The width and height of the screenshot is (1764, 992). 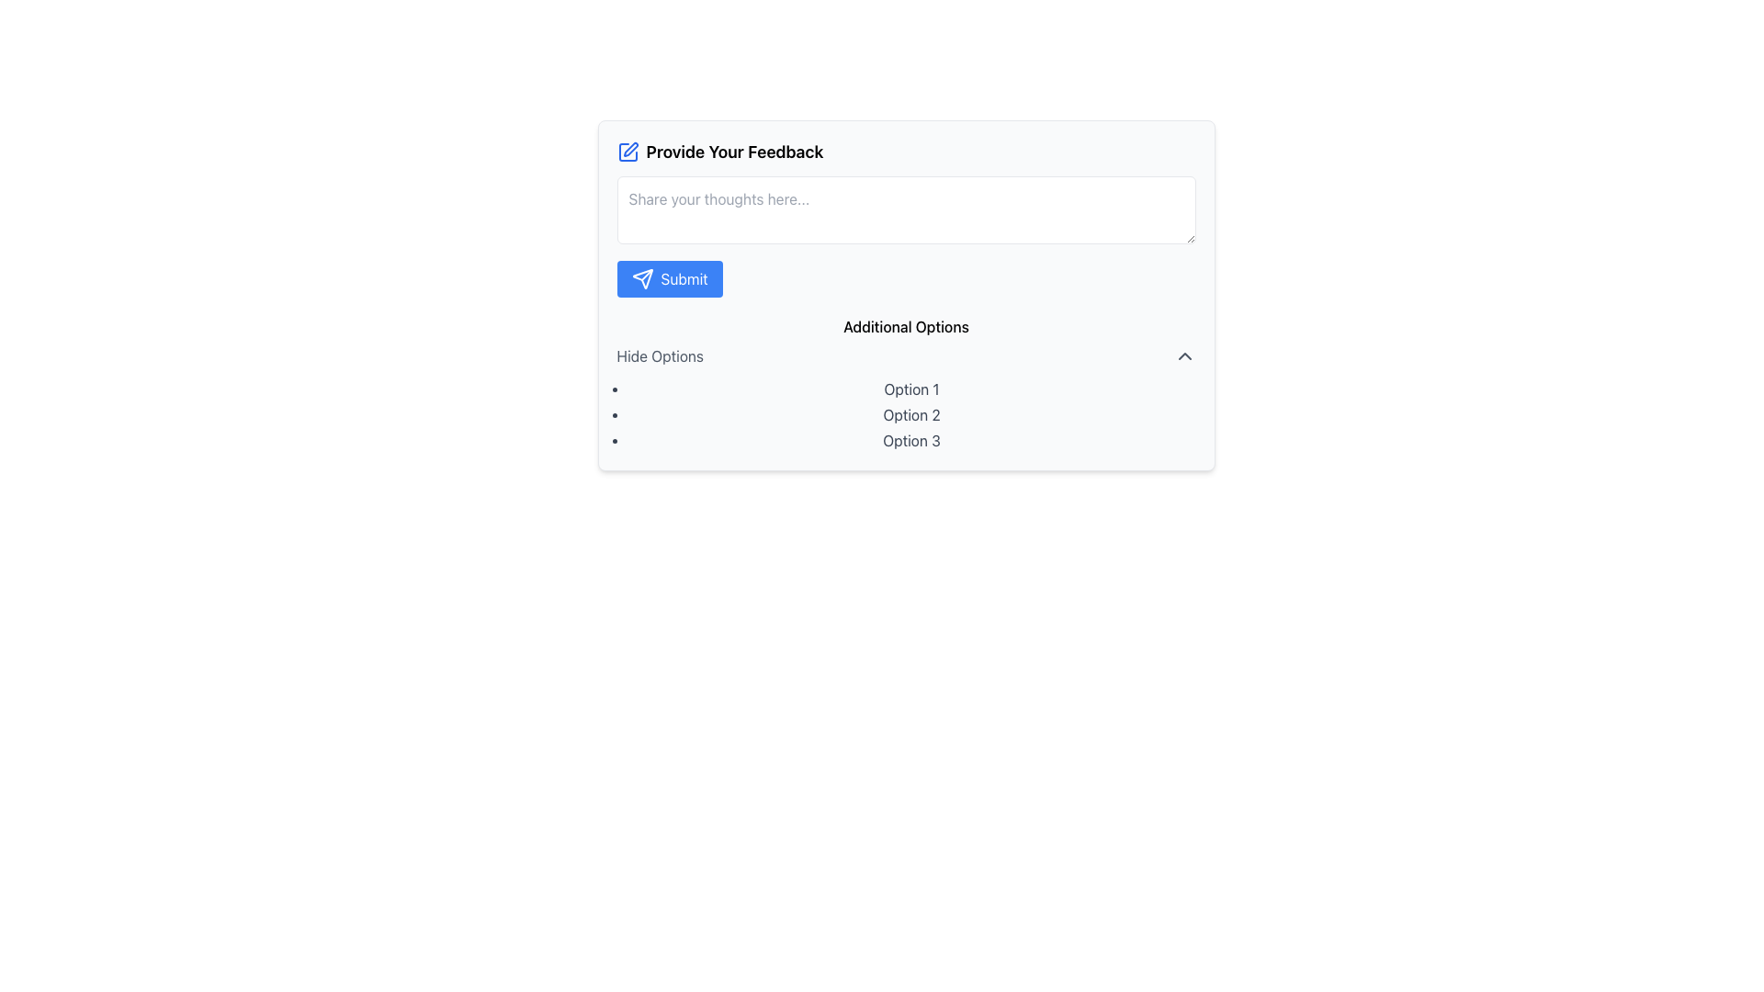 I want to click on to select the list item labeled 'Option 3' which is styled in light gray and changes to black on hover, located in the 'Additional Options' section of the bullet-point list, so click(x=911, y=440).